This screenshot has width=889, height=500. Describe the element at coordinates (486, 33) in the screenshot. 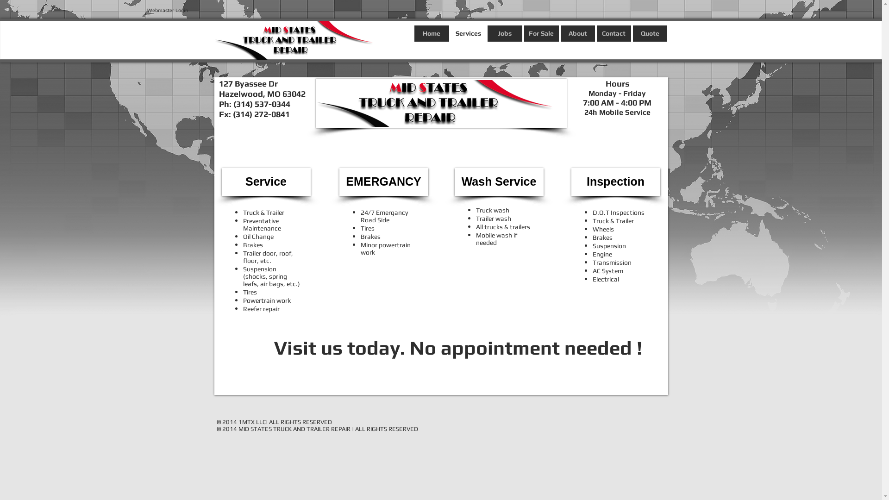

I see `'Jobs'` at that location.